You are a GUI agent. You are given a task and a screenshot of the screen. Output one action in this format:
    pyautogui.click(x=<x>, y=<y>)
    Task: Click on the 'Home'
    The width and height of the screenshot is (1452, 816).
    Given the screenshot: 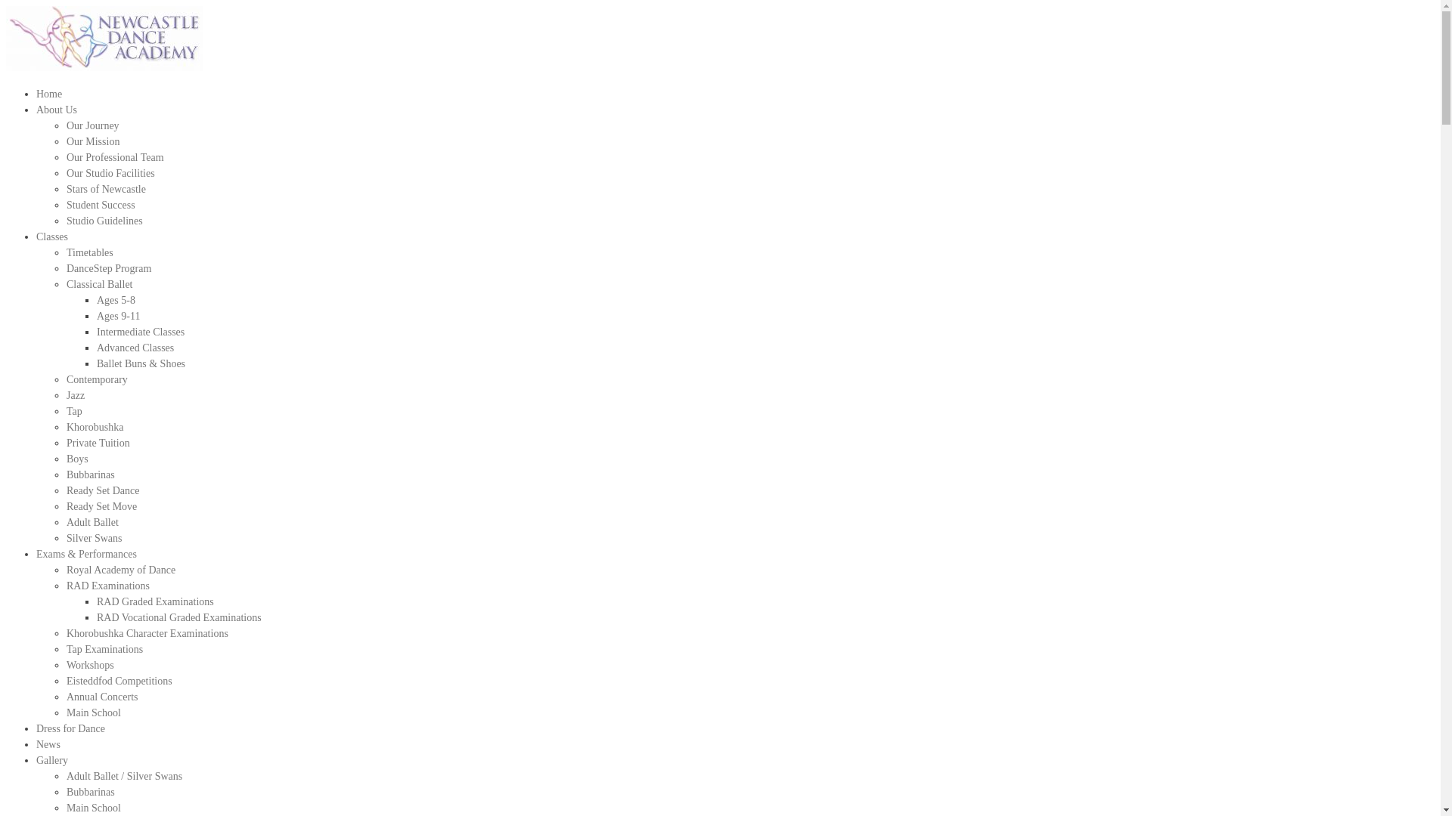 What is the action you would take?
    pyautogui.click(x=49, y=94)
    